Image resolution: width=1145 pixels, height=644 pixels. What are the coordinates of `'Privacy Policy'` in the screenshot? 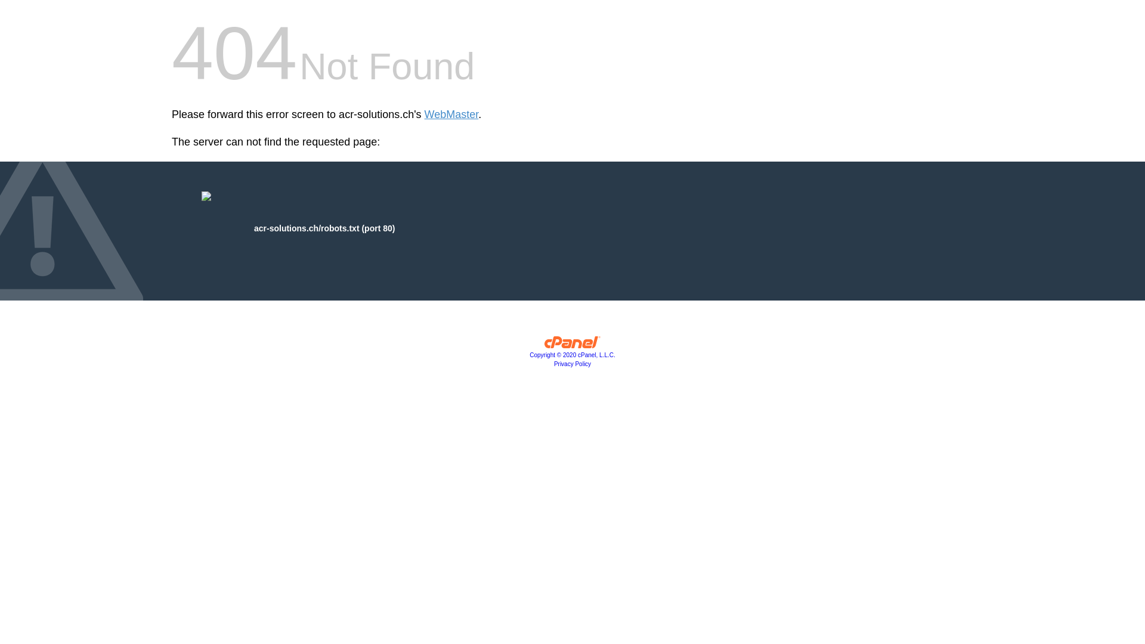 It's located at (572, 363).